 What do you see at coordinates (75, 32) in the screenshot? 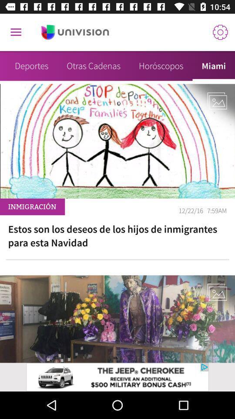
I see `advertisement page` at bounding box center [75, 32].